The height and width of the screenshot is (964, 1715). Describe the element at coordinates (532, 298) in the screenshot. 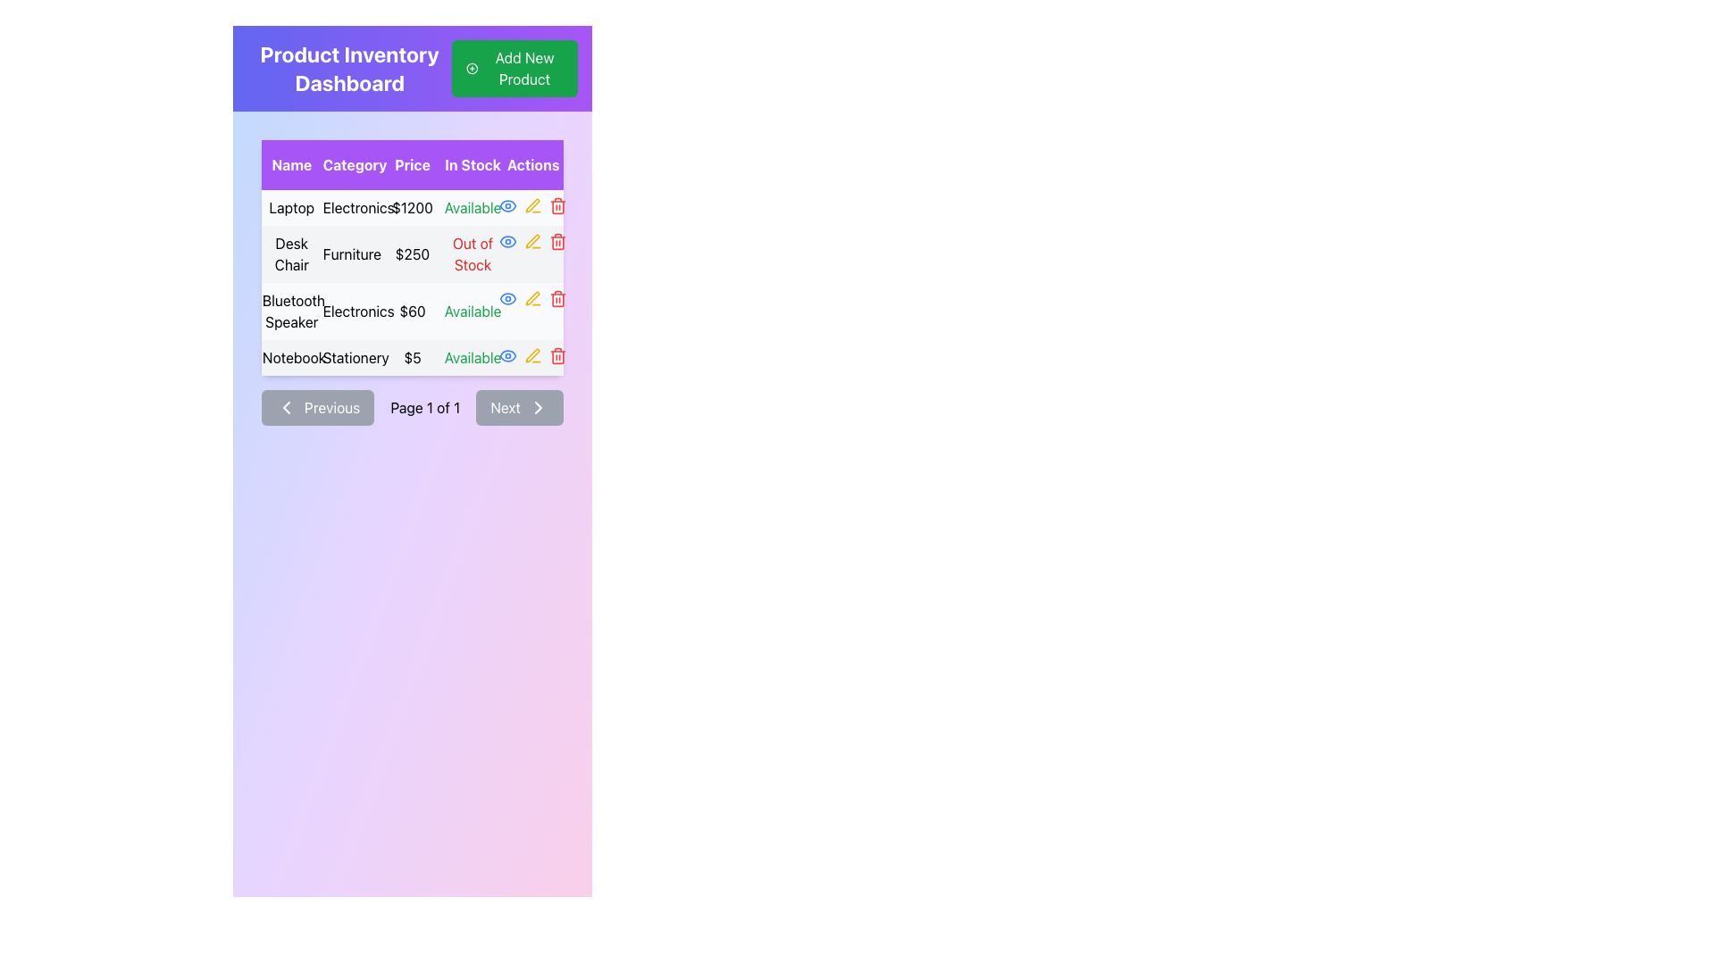

I see `the yellow pencil icon in the 'Actions' column for the product 'Bluetooth Speaker' to change its color to darker yellow` at that location.